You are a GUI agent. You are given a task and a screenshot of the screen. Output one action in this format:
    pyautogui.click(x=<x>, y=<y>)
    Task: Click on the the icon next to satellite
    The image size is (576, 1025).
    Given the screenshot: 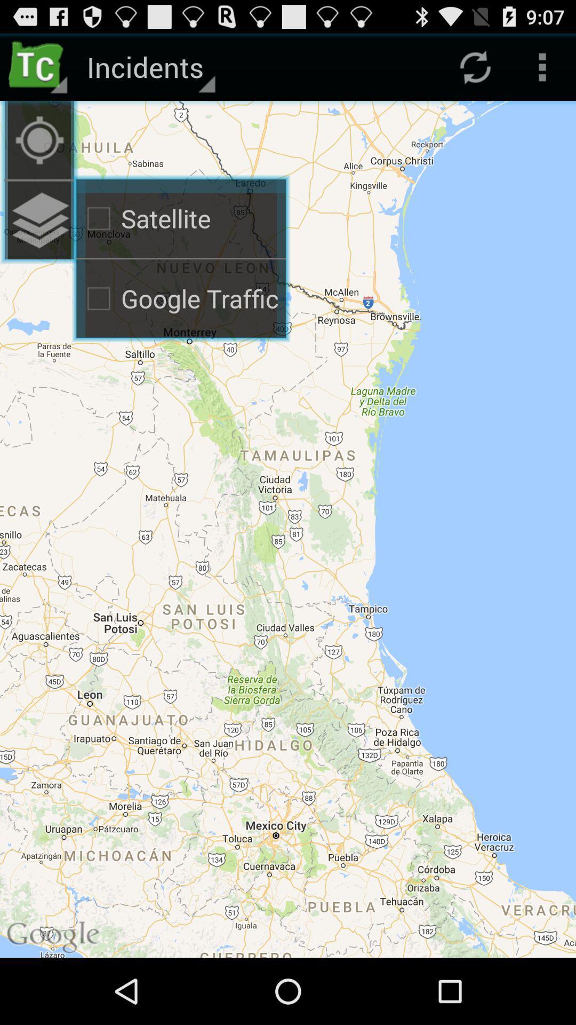 What is the action you would take?
    pyautogui.click(x=38, y=139)
    